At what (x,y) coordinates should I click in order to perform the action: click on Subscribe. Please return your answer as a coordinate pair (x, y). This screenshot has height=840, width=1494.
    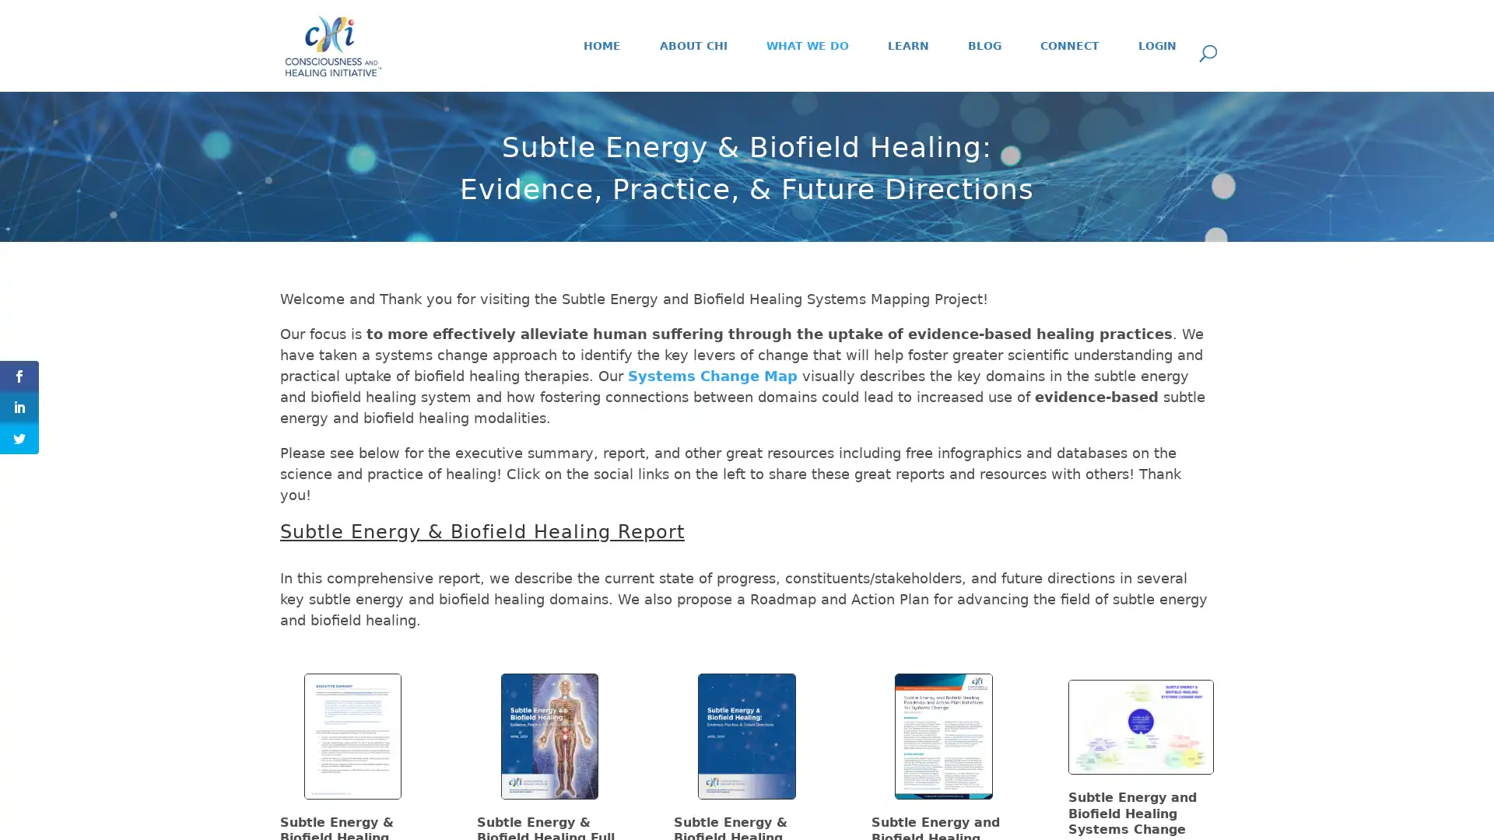
    Looking at the image, I should click on (1329, 809).